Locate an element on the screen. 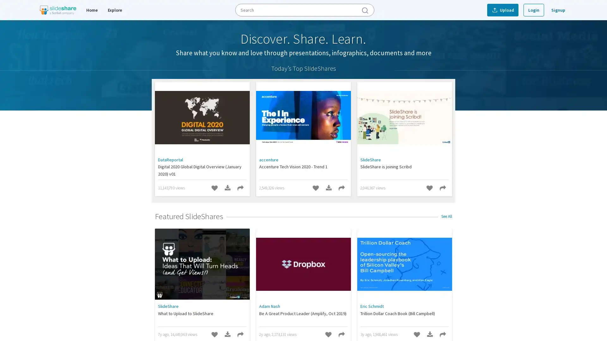 This screenshot has width=607, height=341. Like SlideShare is joining Scribd SlideShare. is located at coordinates (430, 187).